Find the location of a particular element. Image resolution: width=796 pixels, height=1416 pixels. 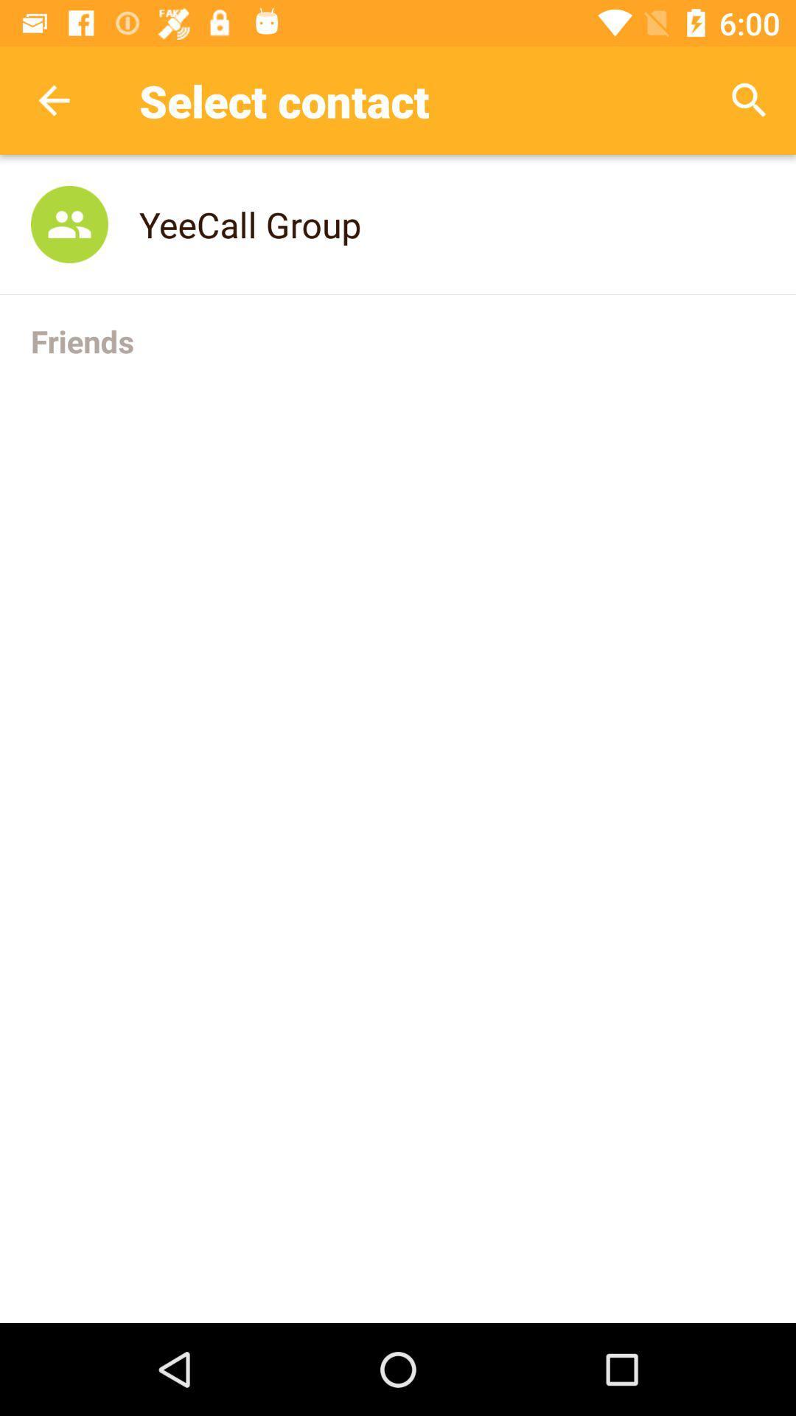

item at the top right corner is located at coordinates (750, 100).